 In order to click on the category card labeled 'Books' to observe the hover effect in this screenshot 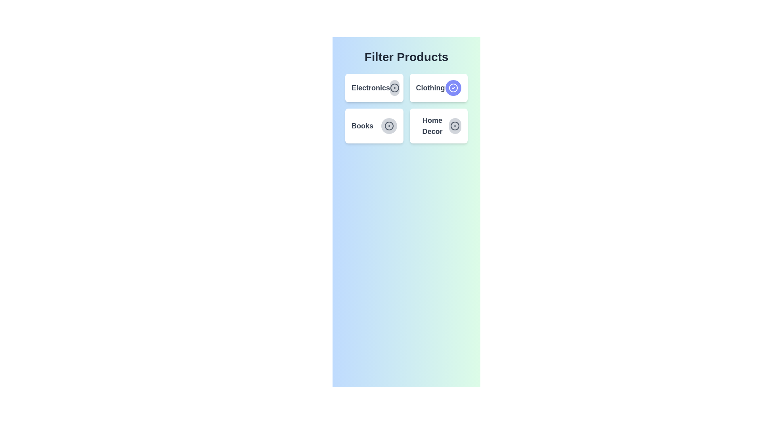, I will do `click(374, 125)`.